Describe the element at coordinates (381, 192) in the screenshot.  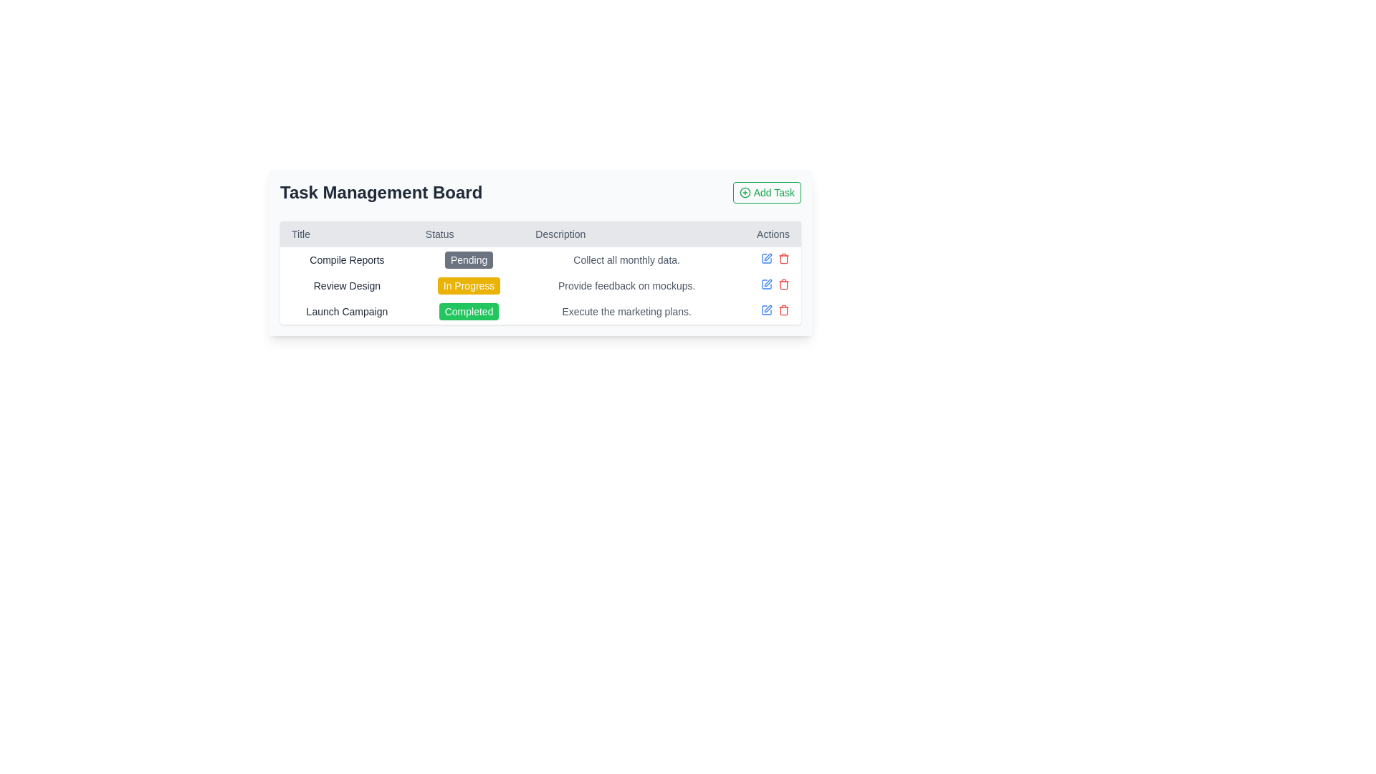
I see `the header text displaying 'Task Management Board', which is located on the left side of the header section and aligned horizontally with the 'Add Task' button` at that location.